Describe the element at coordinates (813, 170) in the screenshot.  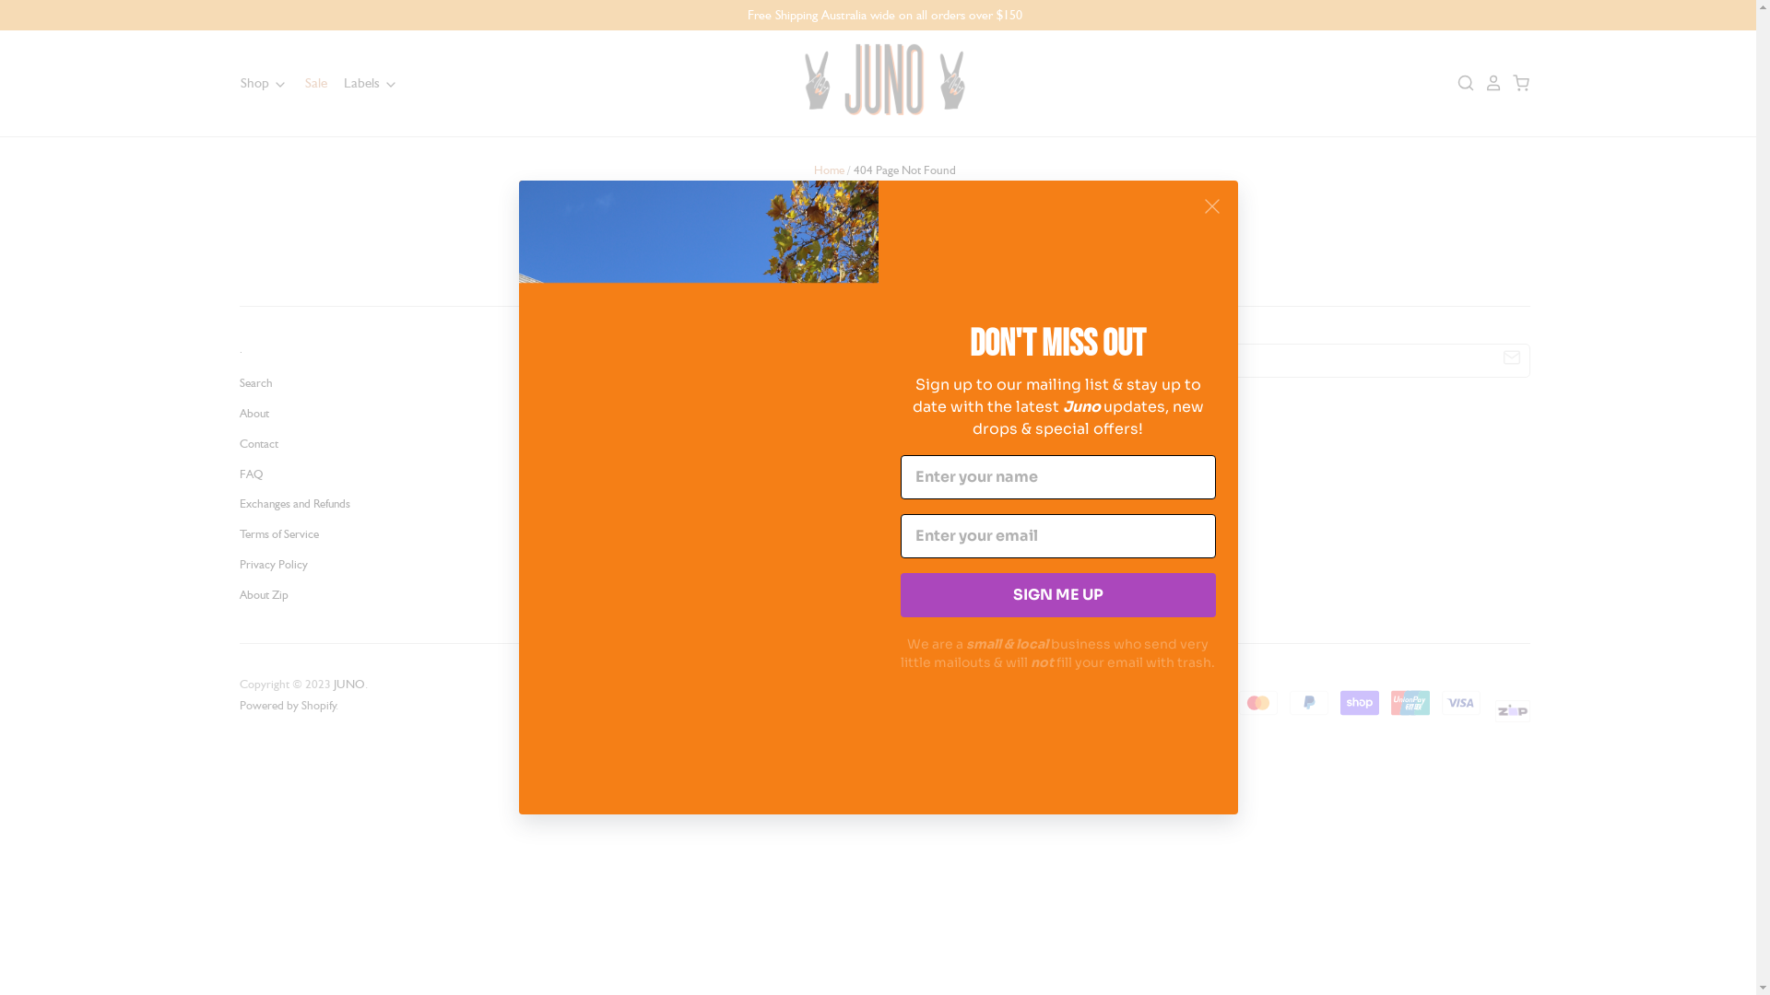
I see `'Home'` at that location.